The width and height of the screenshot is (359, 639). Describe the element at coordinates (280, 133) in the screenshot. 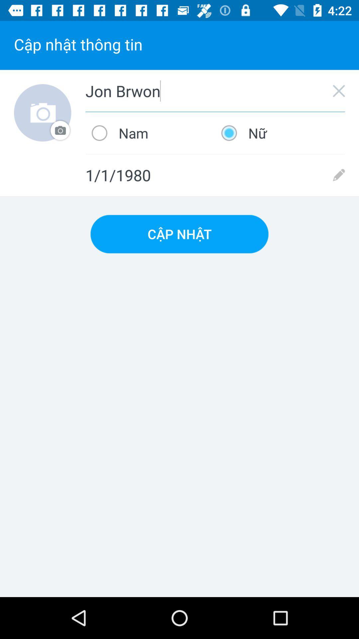

I see `the icon next to the nam` at that location.